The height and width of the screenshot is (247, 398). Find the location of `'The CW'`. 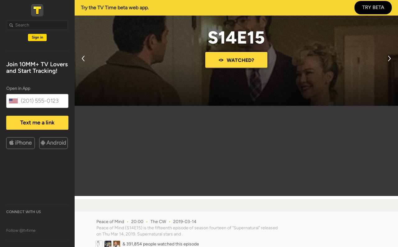

'The CW' is located at coordinates (158, 221).